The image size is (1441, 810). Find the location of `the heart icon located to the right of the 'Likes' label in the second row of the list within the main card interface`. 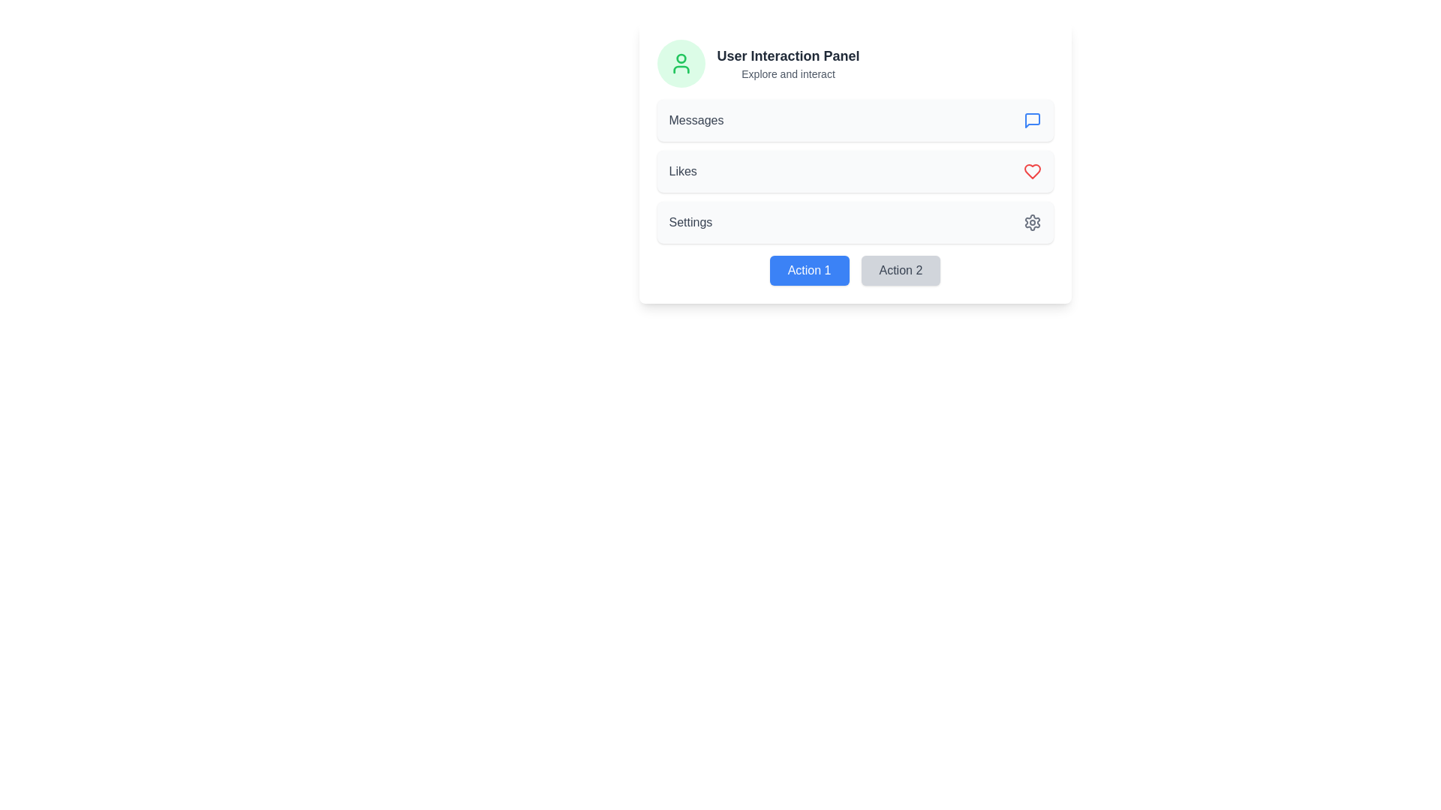

the heart icon located to the right of the 'Likes' label in the second row of the list within the main card interface is located at coordinates (1031, 170).